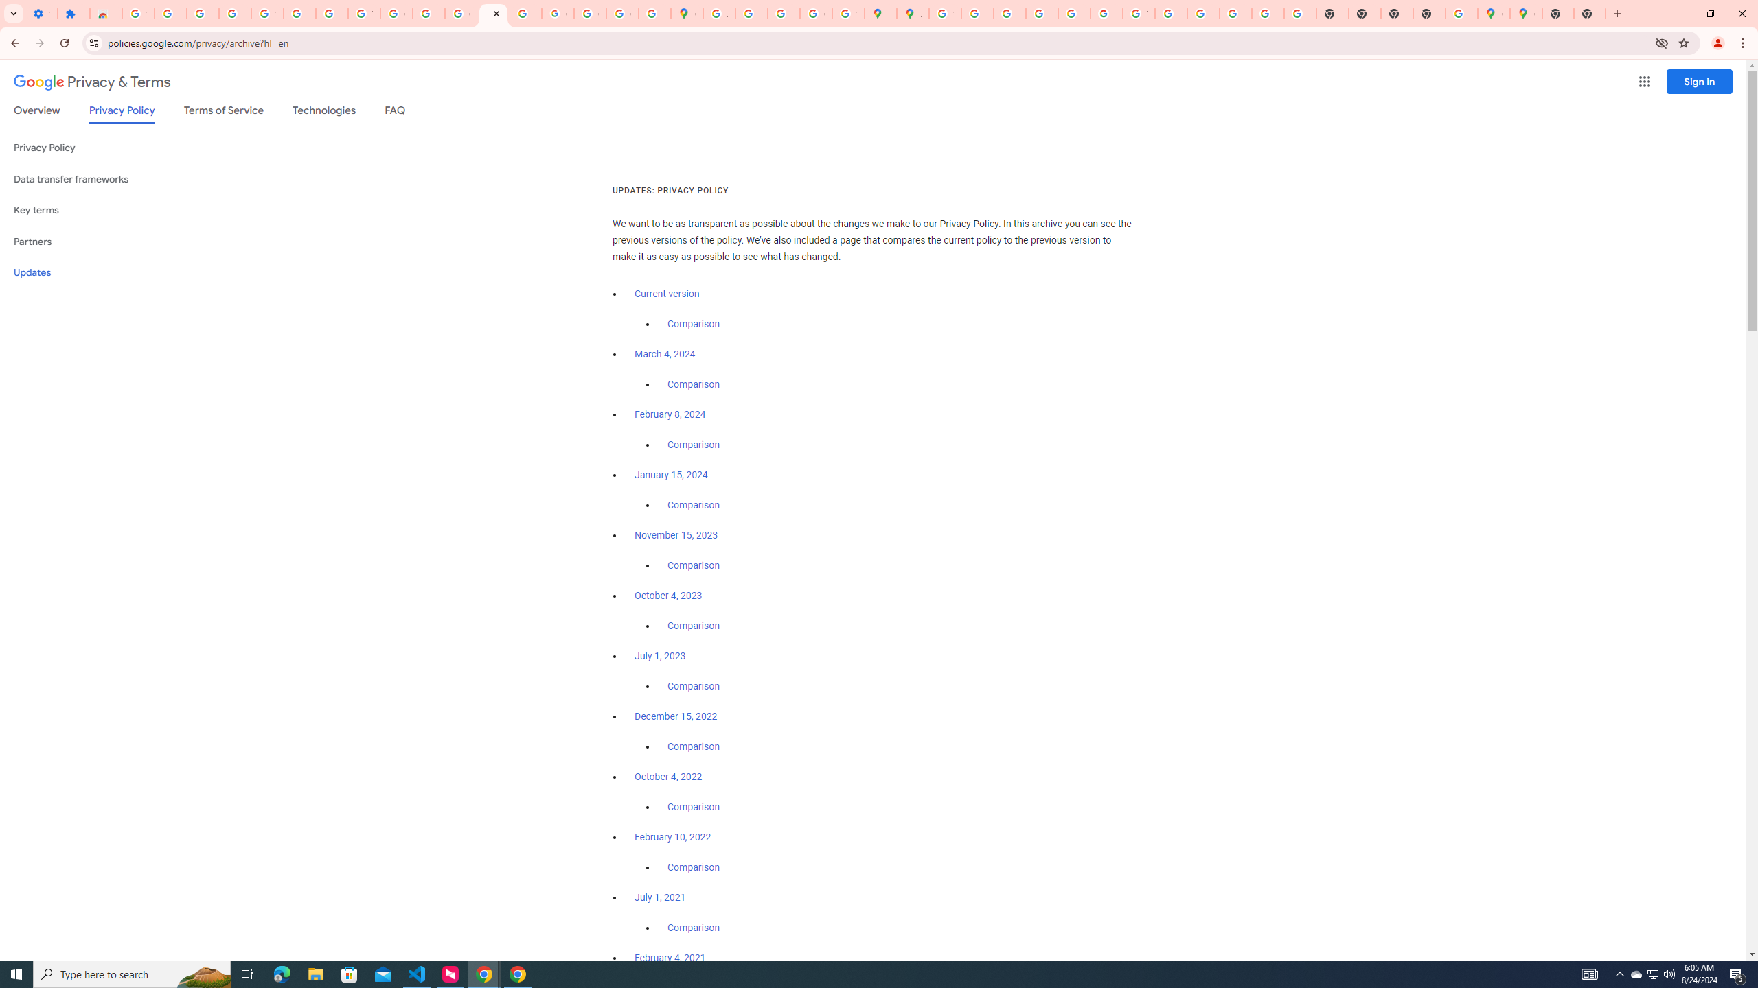 Image resolution: width=1758 pixels, height=988 pixels. Describe the element at coordinates (1461, 13) in the screenshot. I see `'Use Google Maps in Space - Google Maps Help'` at that location.